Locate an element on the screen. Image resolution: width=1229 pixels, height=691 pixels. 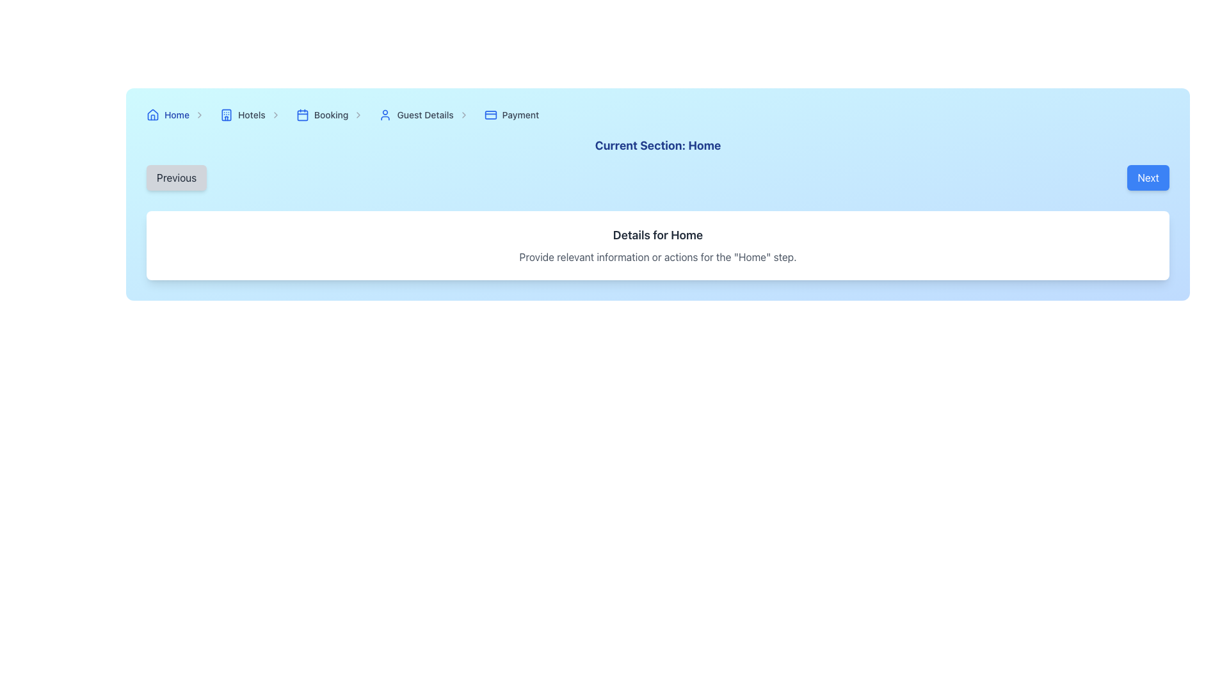
the 'Booking' link in the breadcrumb navigation bar is located at coordinates (331, 115).